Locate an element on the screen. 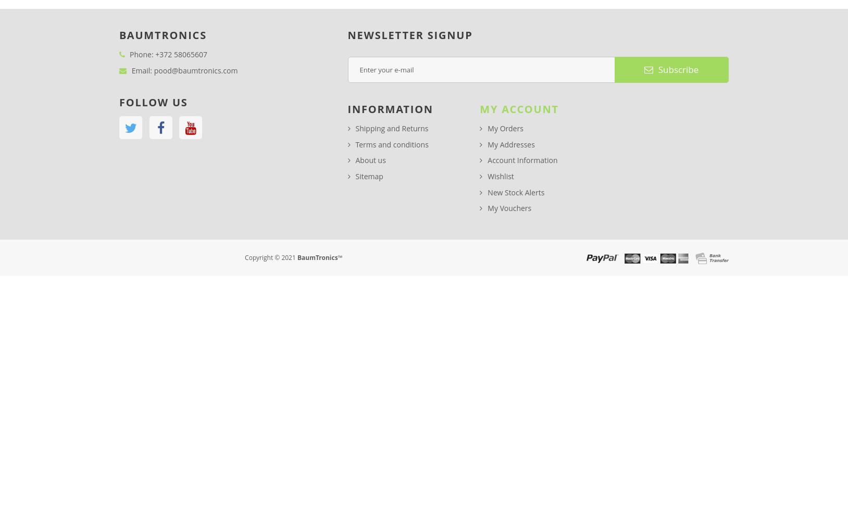 The width and height of the screenshot is (848, 521). 'My Vouchers' is located at coordinates (508, 208).